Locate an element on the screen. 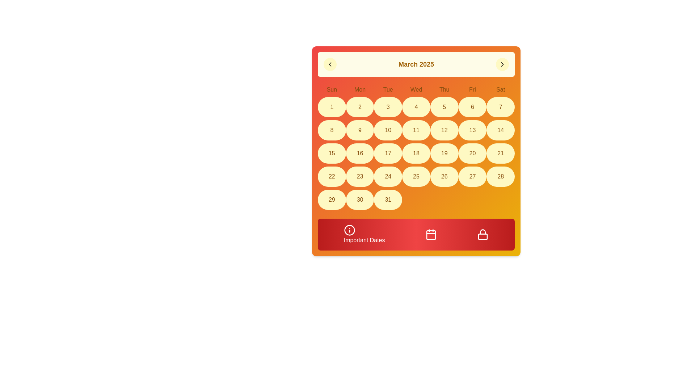  the static text label indicating 'Mon' in the second slot of the day labels in the calendar grid is located at coordinates (360, 89).